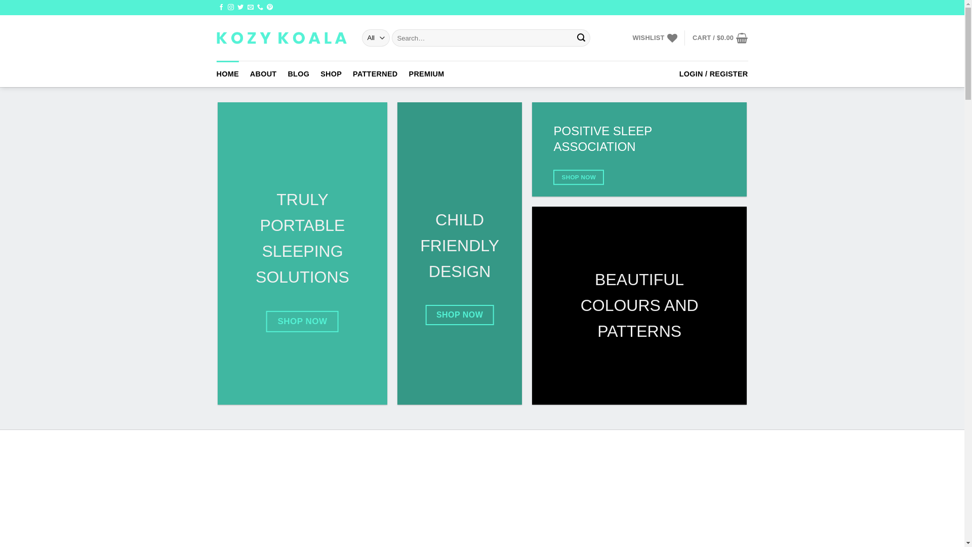 This screenshot has width=972, height=547. What do you see at coordinates (230, 8) in the screenshot?
I see `'Follow on Instagram'` at bounding box center [230, 8].